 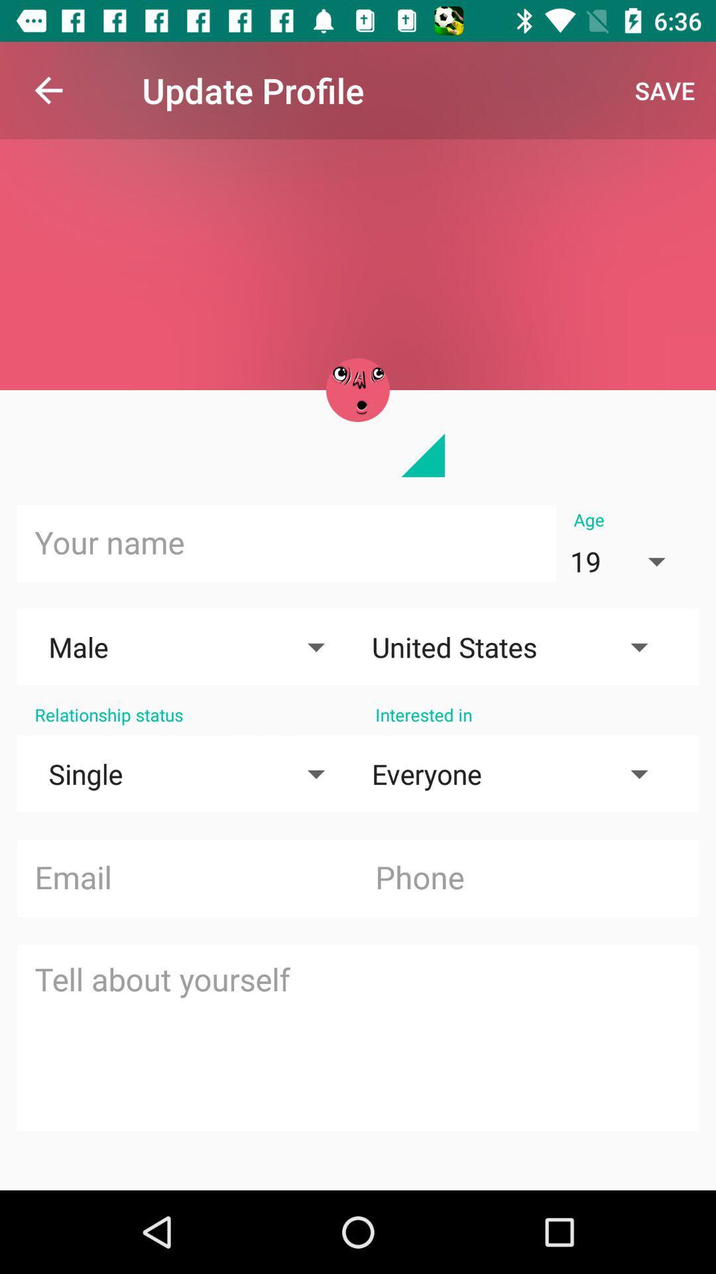 What do you see at coordinates (286, 543) in the screenshot?
I see `profile name` at bounding box center [286, 543].